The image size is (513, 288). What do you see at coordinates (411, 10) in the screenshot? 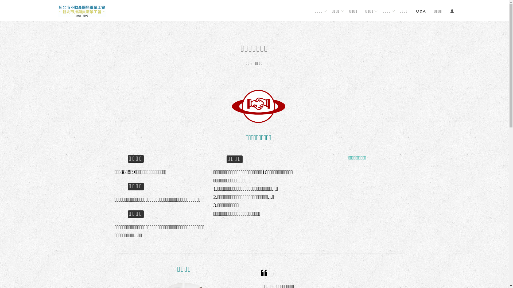
I see `'Q&A'` at bounding box center [411, 10].